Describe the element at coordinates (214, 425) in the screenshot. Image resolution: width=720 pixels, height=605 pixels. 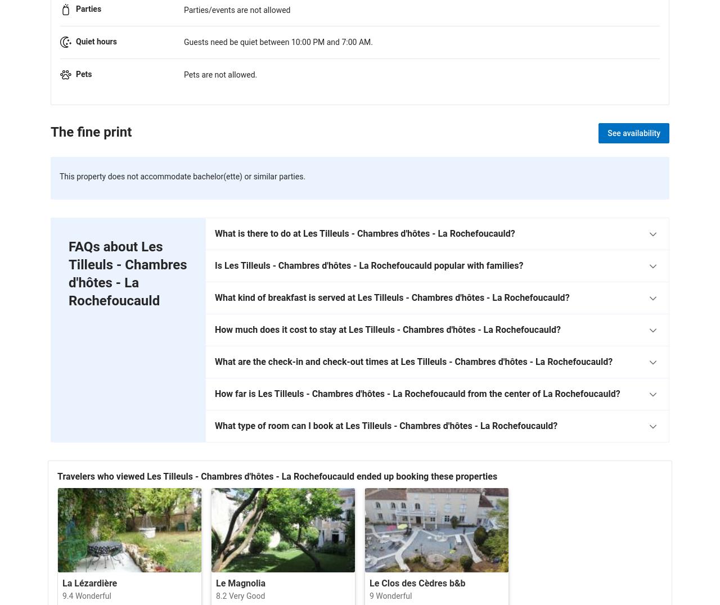
I see `'What type of room can I book at Les Tilleuls - Chambres d'hôtes - La Rochefoucauld?'` at that location.